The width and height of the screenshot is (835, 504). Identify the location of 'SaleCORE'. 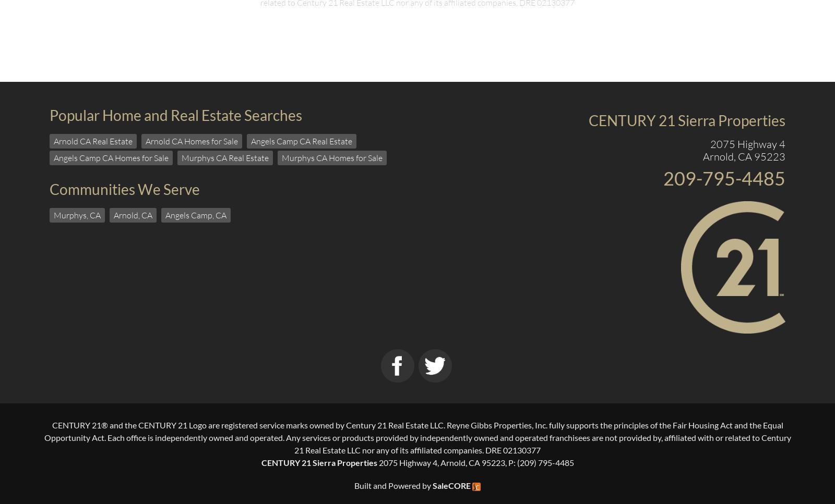
(451, 485).